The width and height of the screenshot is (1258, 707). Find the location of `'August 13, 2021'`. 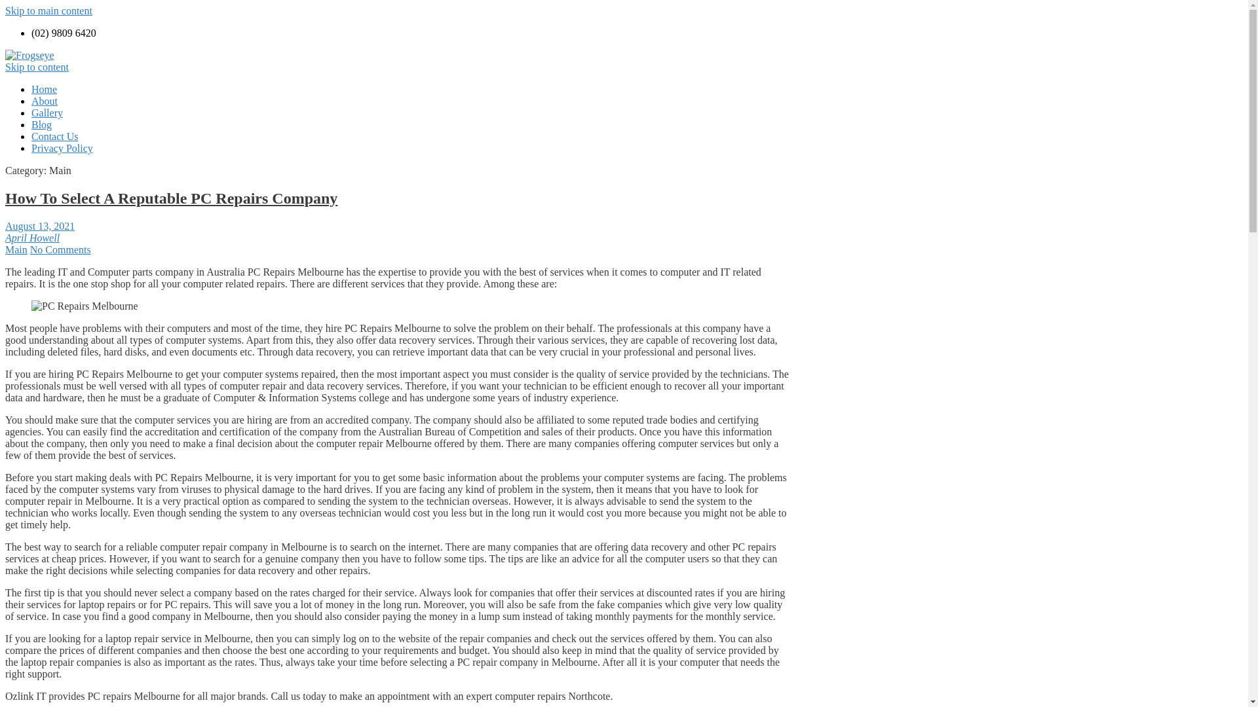

'August 13, 2021' is located at coordinates (40, 225).